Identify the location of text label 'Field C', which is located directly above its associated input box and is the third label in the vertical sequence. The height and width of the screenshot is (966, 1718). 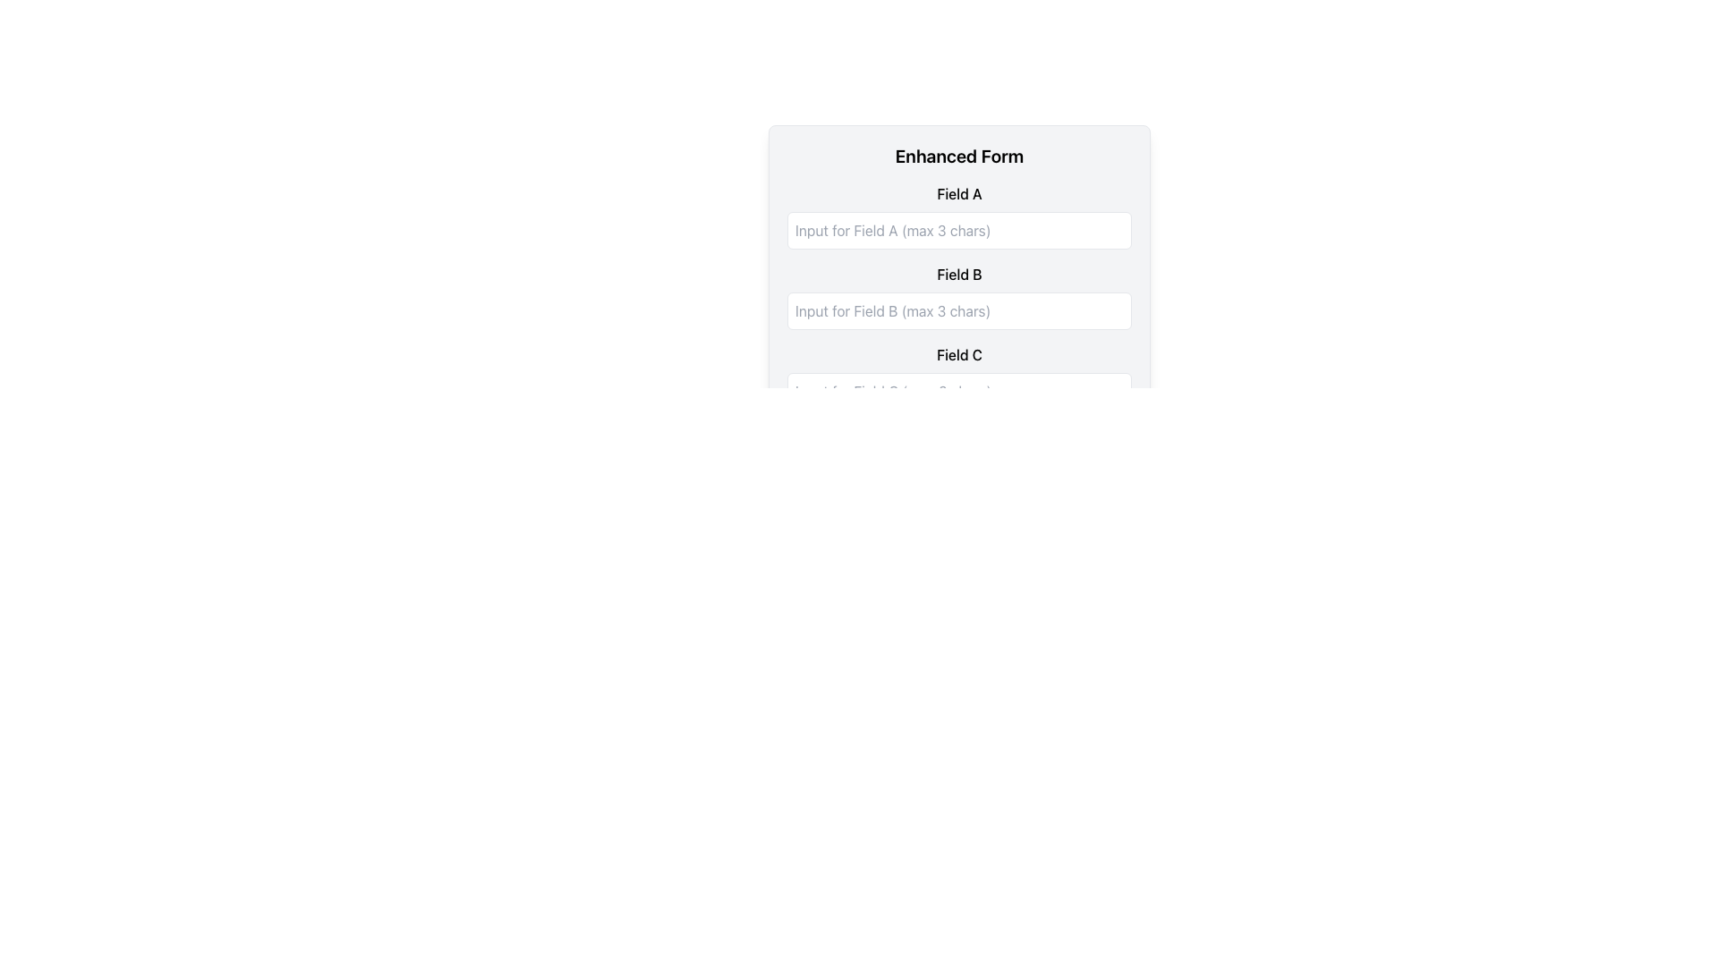
(958, 355).